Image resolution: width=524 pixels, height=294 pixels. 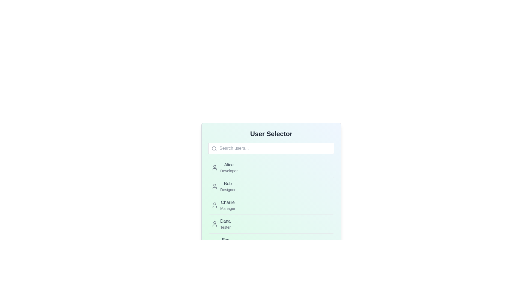 I want to click on the Text label that provides additional information about the user 'Bob', indicating their role as a Designer, located below the name 'Bob' in the user selection interface, so click(x=228, y=189).